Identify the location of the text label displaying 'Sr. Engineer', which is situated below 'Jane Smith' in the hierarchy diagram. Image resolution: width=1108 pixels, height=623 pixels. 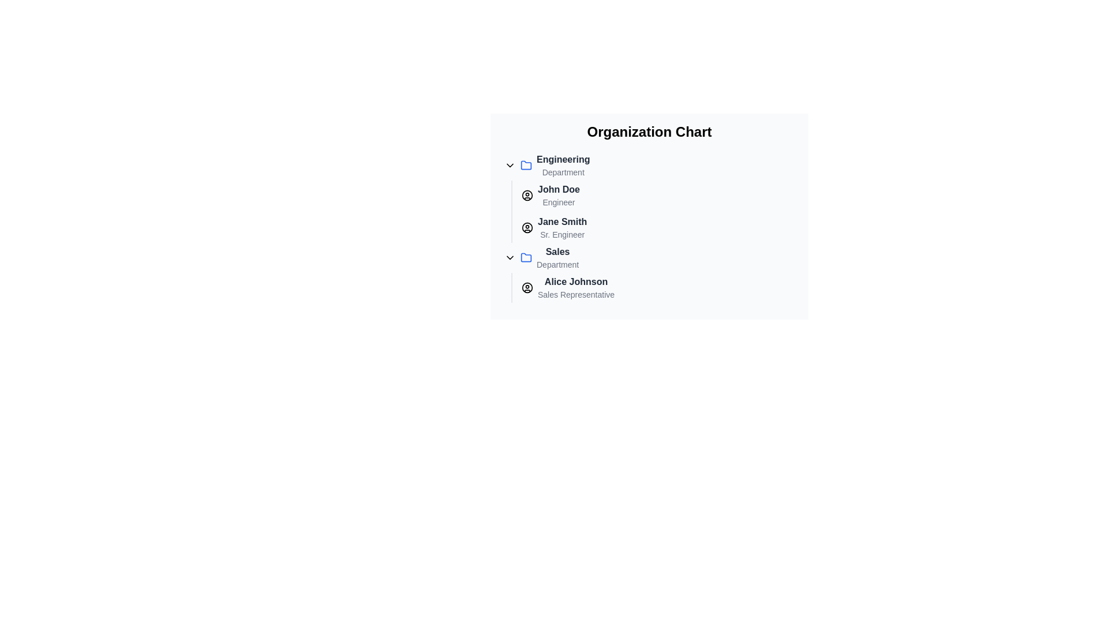
(562, 234).